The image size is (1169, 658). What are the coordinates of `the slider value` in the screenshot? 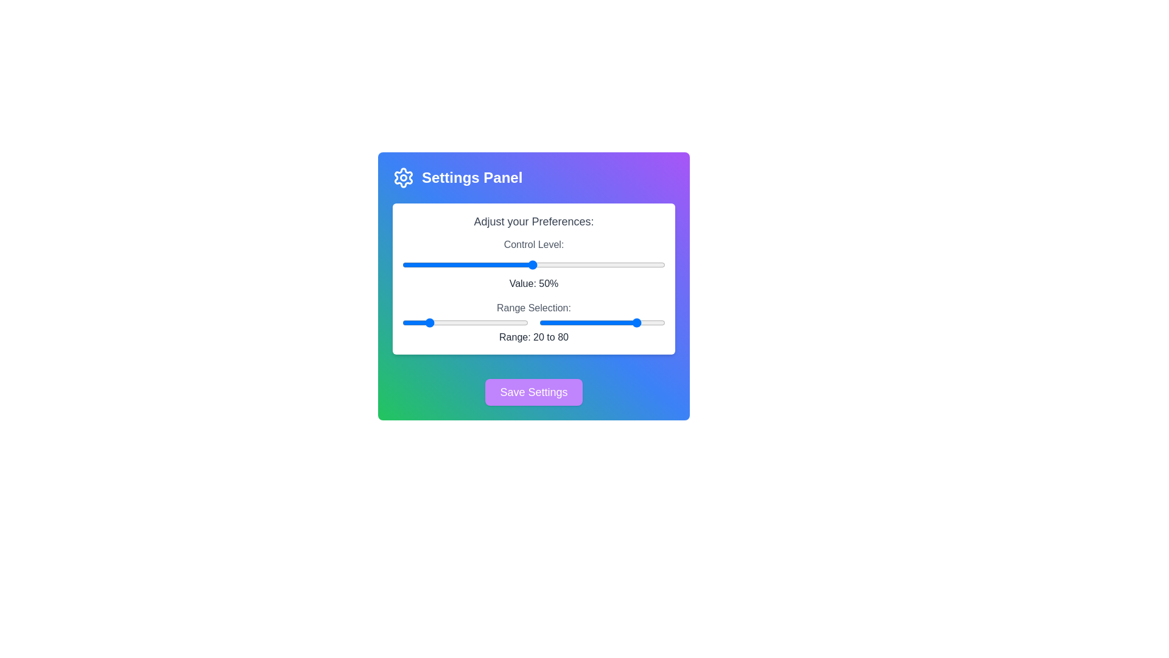 It's located at (566, 264).